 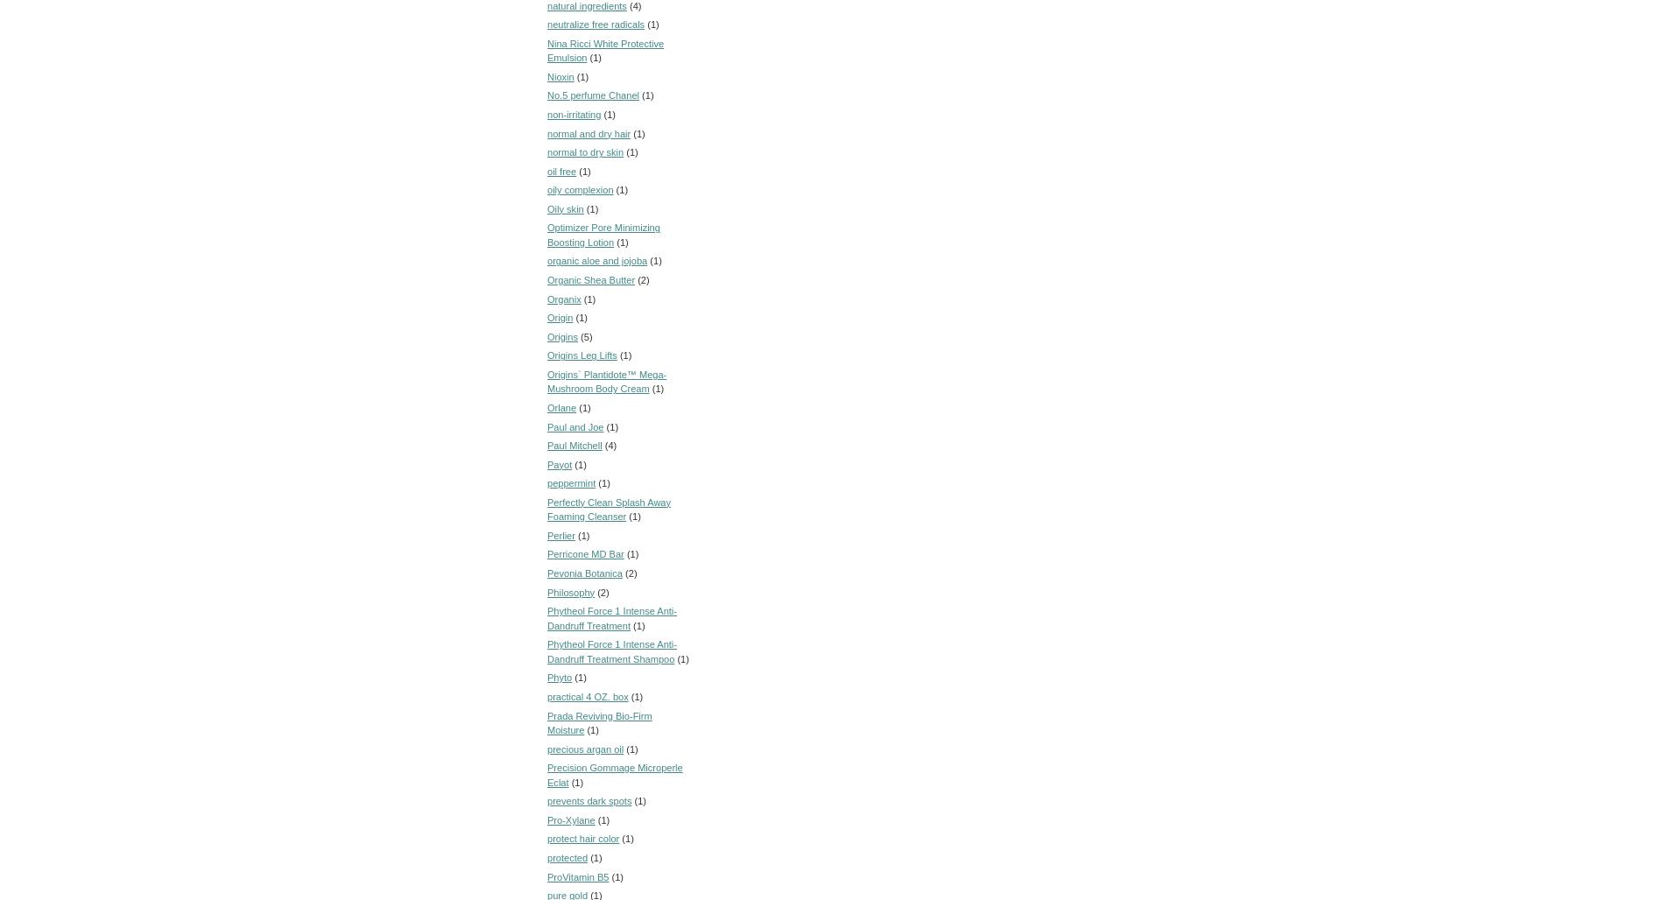 I want to click on 'Origins` Plantidote™ Mega-Mushroom Body Cream', so click(x=606, y=381).